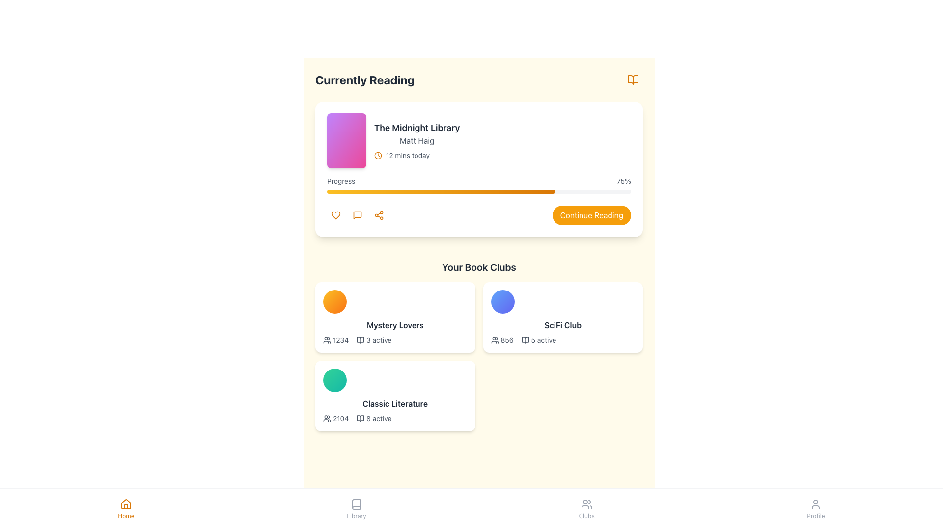 The width and height of the screenshot is (943, 530). Describe the element at coordinates (525, 340) in the screenshot. I see `the decorative icon related to books or reading activities in the 'SciFi Club' section of 'Your Book Clubs', located to the left of the '5 active' text` at that location.